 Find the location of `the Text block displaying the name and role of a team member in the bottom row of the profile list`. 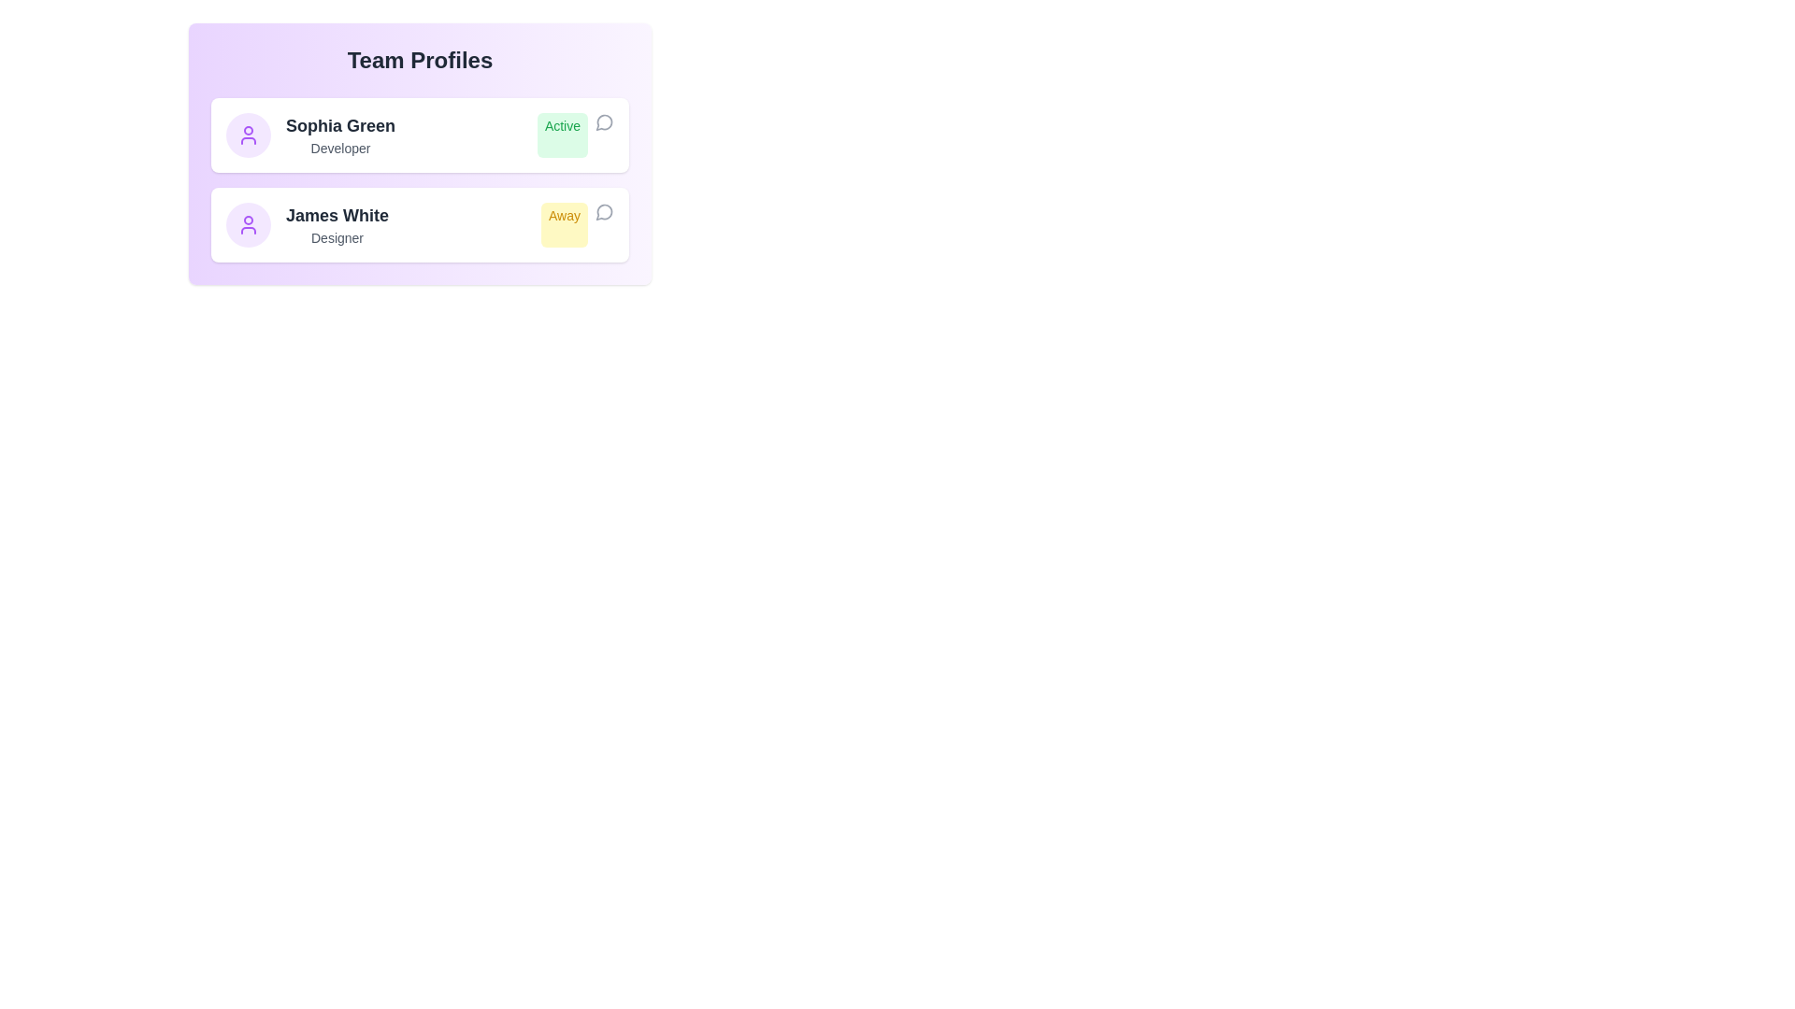

the Text block displaying the name and role of a team member in the bottom row of the profile list is located at coordinates (337, 223).